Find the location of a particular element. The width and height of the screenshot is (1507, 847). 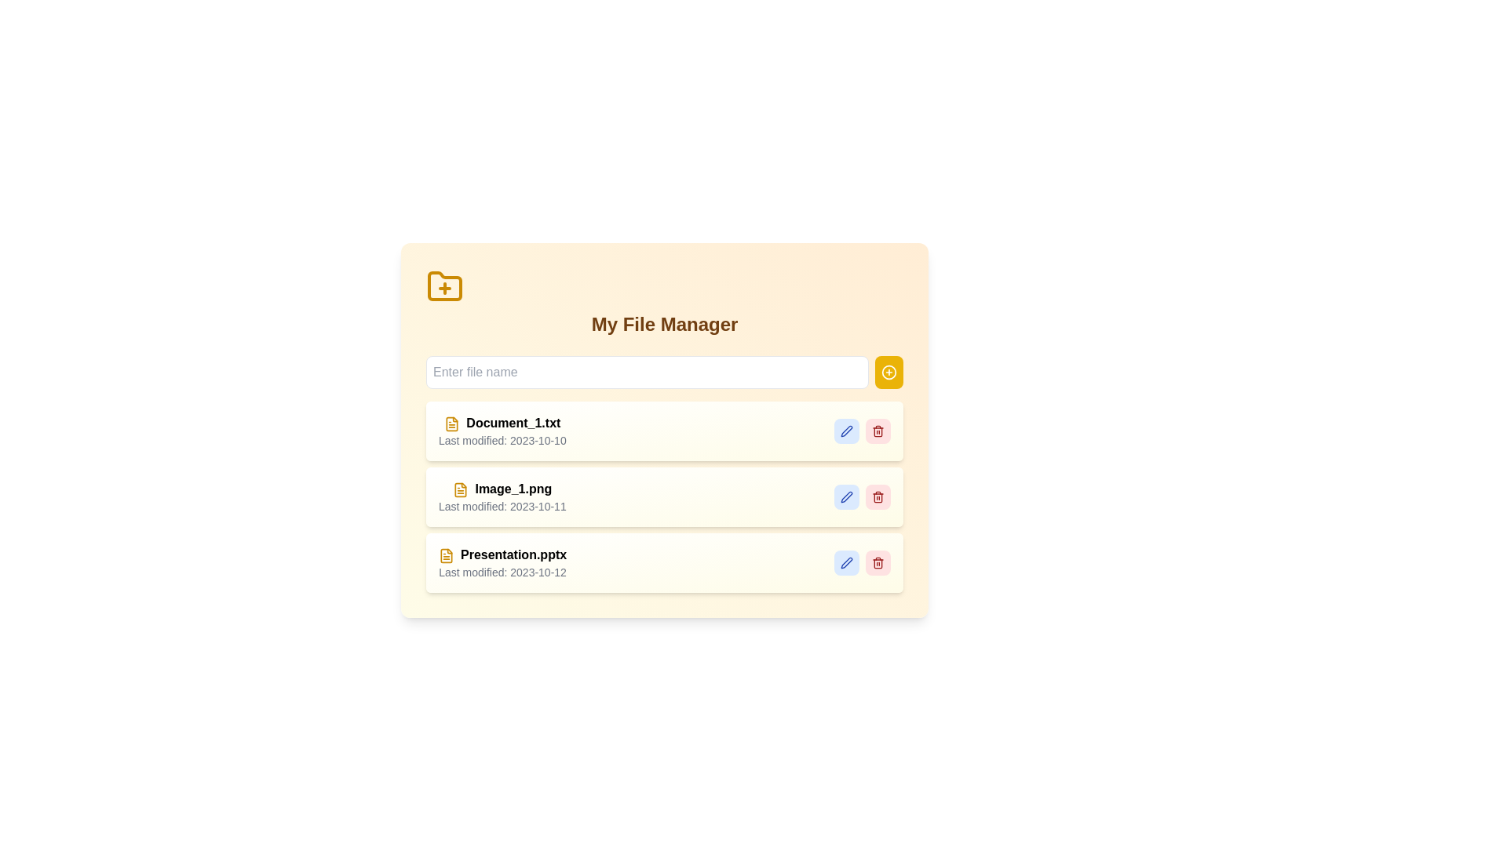

the pen icon representing the edit action, located is located at coordinates (846, 430).